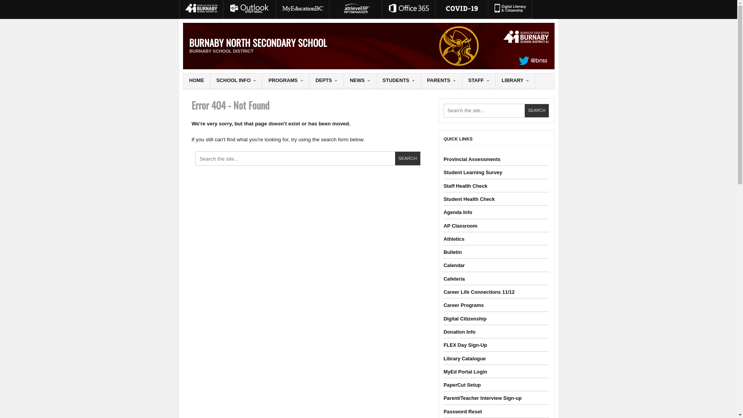 This screenshot has height=418, width=743. Describe the element at coordinates (454, 279) in the screenshot. I see `'Cafeteria'` at that location.